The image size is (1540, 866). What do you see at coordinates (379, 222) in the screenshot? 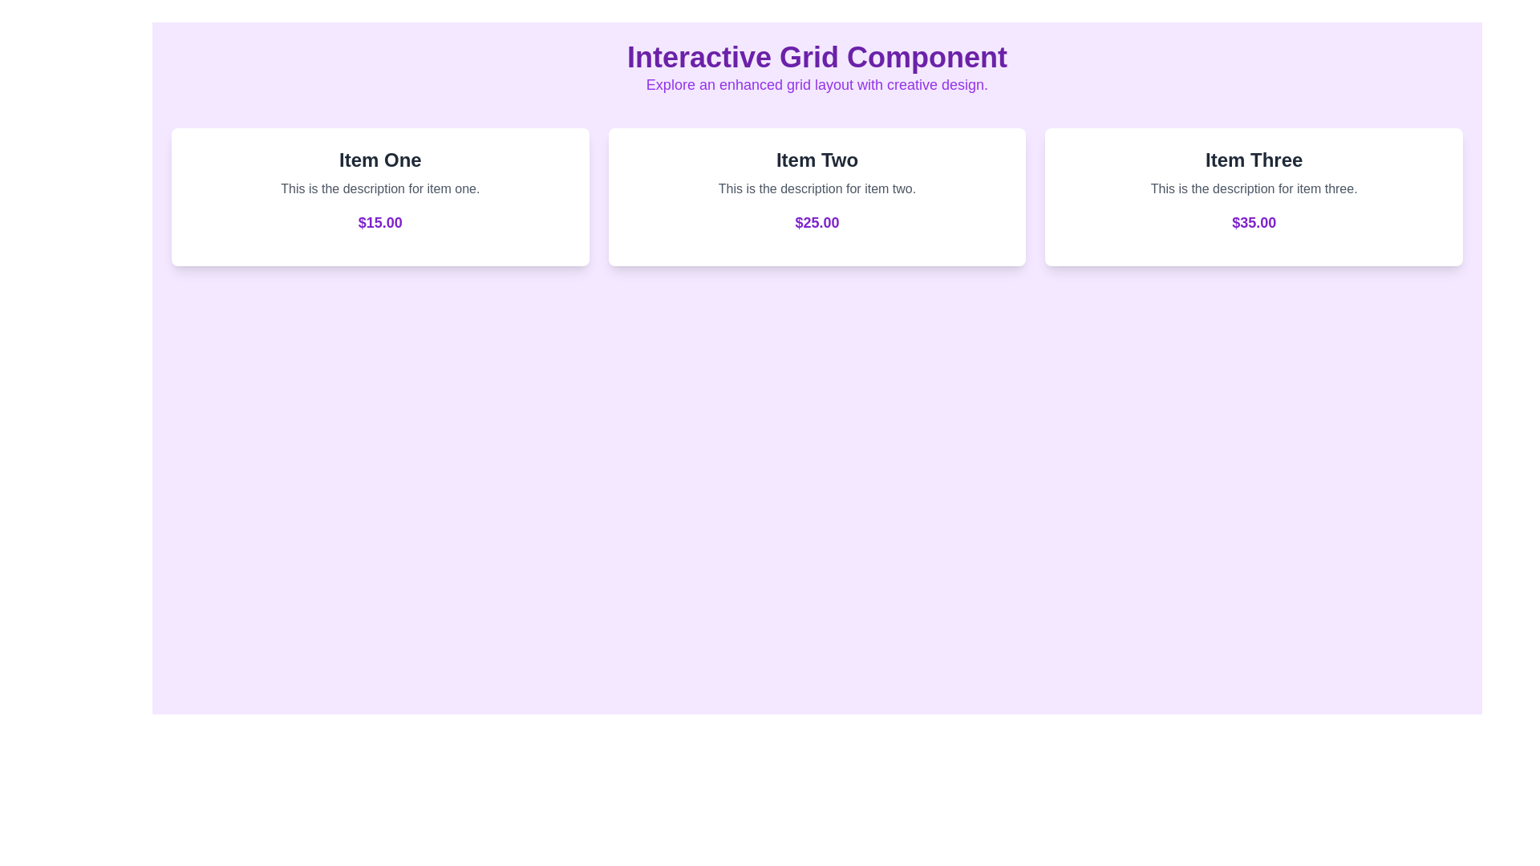
I see `price information displayed in the text label located below the description text of the 'Item One' card in the first column of a three-column grid layout` at bounding box center [379, 222].